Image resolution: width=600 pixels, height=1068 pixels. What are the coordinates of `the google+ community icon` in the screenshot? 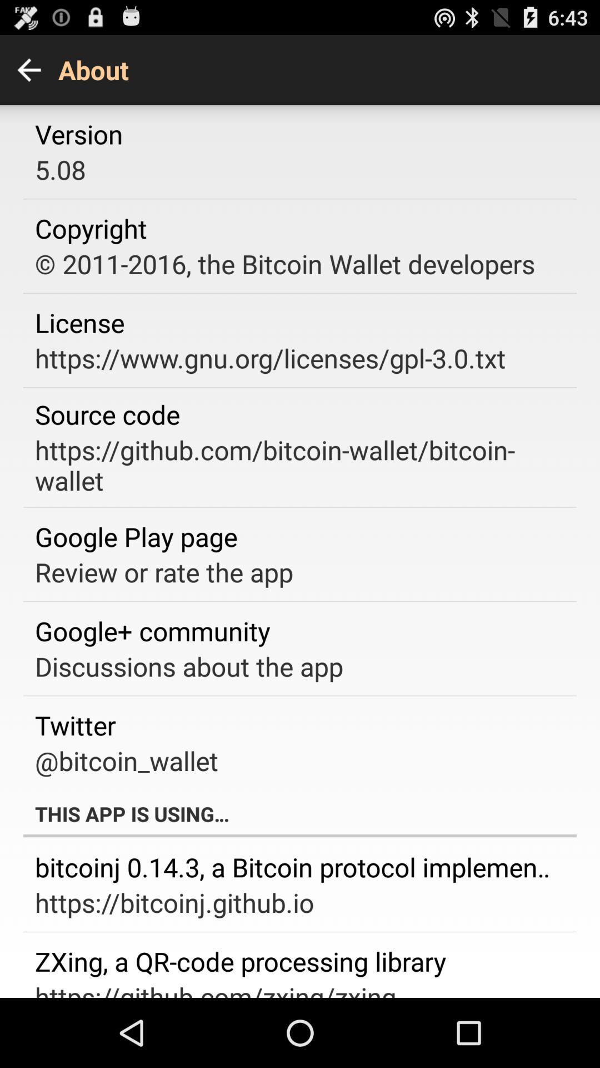 It's located at (152, 631).